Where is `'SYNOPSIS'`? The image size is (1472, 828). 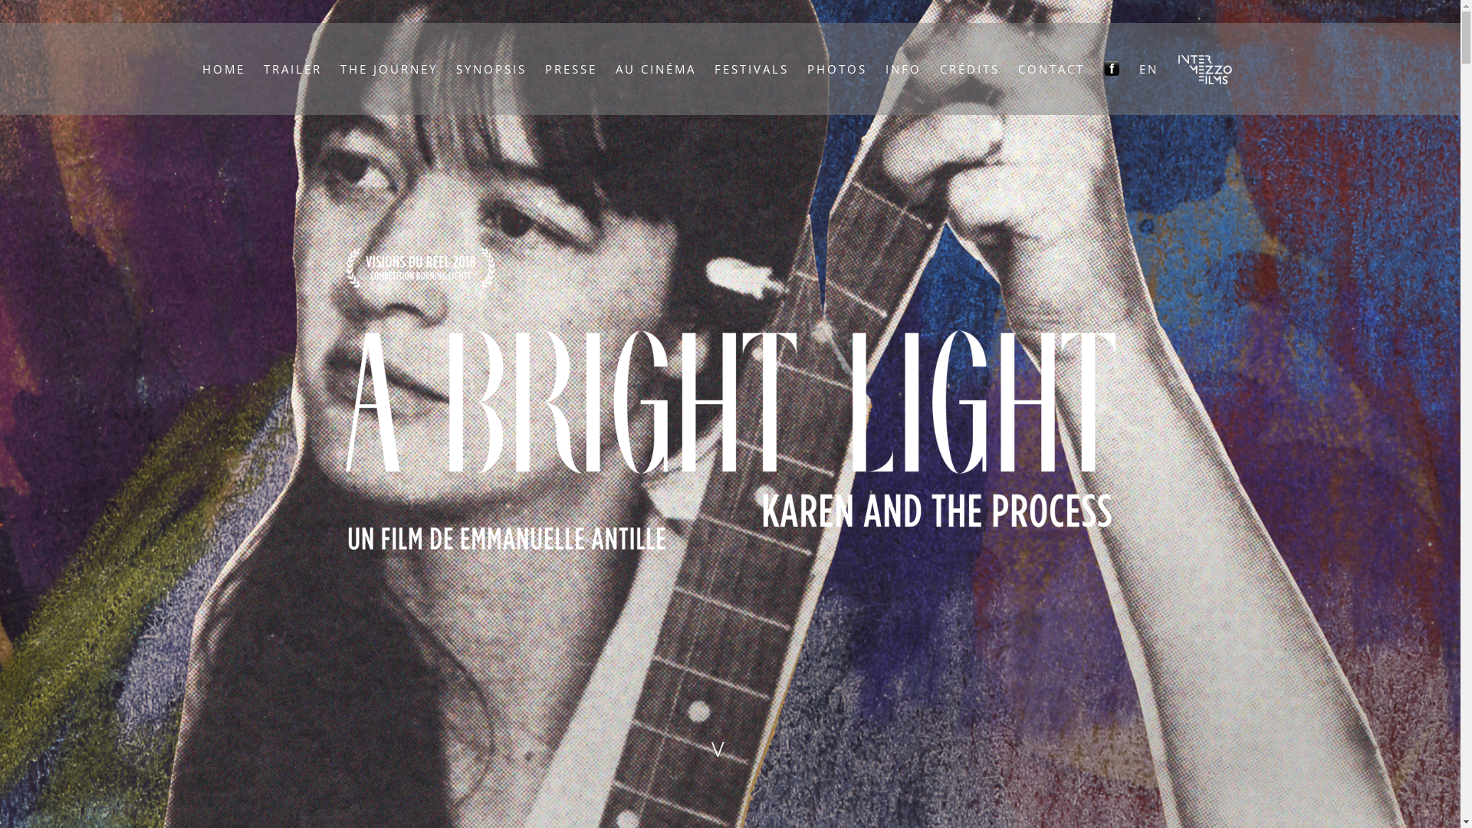
'SYNOPSIS' is located at coordinates (455, 67).